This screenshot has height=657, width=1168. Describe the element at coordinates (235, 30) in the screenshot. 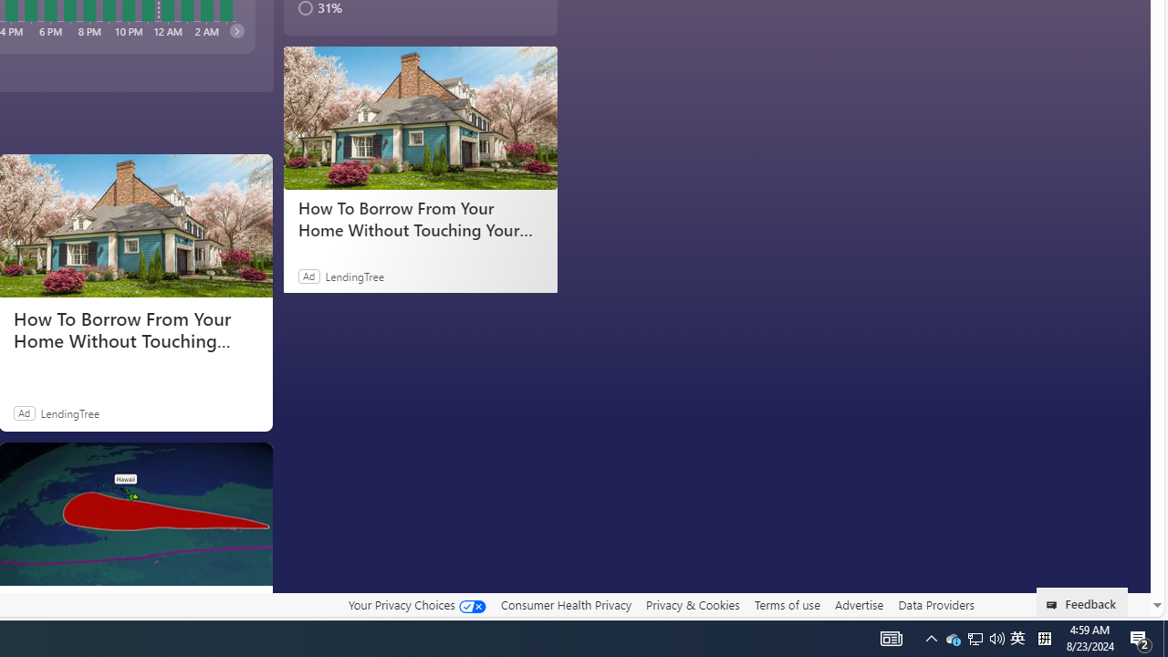

I see `'next'` at that location.